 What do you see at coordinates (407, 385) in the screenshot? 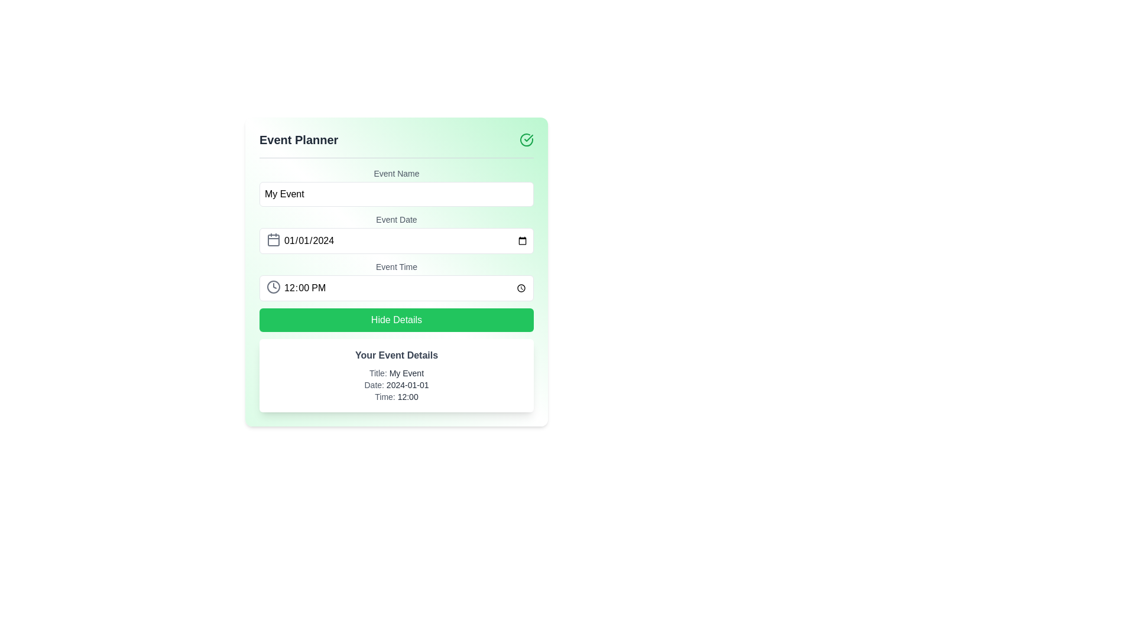
I see `the static text displaying the event date located in the 'Your Event Details' section, positioned below the 'Hide Details' button and aligned with the label 'Date:'` at bounding box center [407, 385].